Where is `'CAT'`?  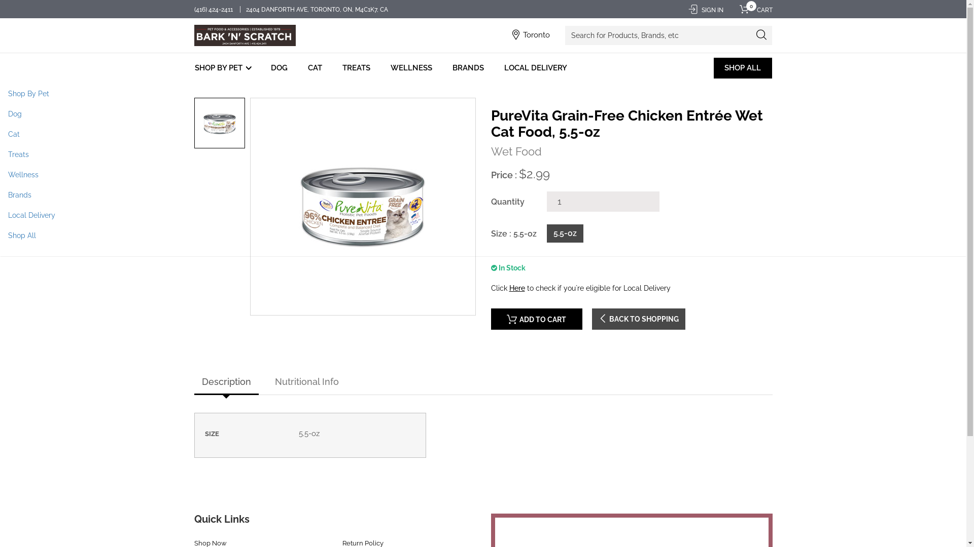 'CAT' is located at coordinates (304, 68).